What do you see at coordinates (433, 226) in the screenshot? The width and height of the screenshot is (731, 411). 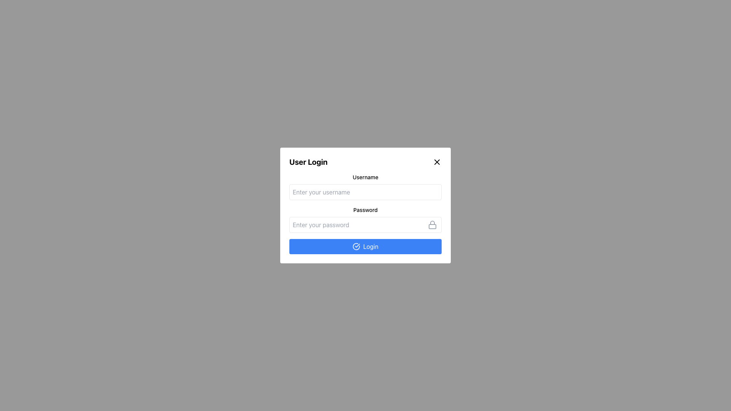 I see `the rectangle shape of the lock icon, which serves as a decorative part of the lock, located to the right of the password input field in the login form` at bounding box center [433, 226].